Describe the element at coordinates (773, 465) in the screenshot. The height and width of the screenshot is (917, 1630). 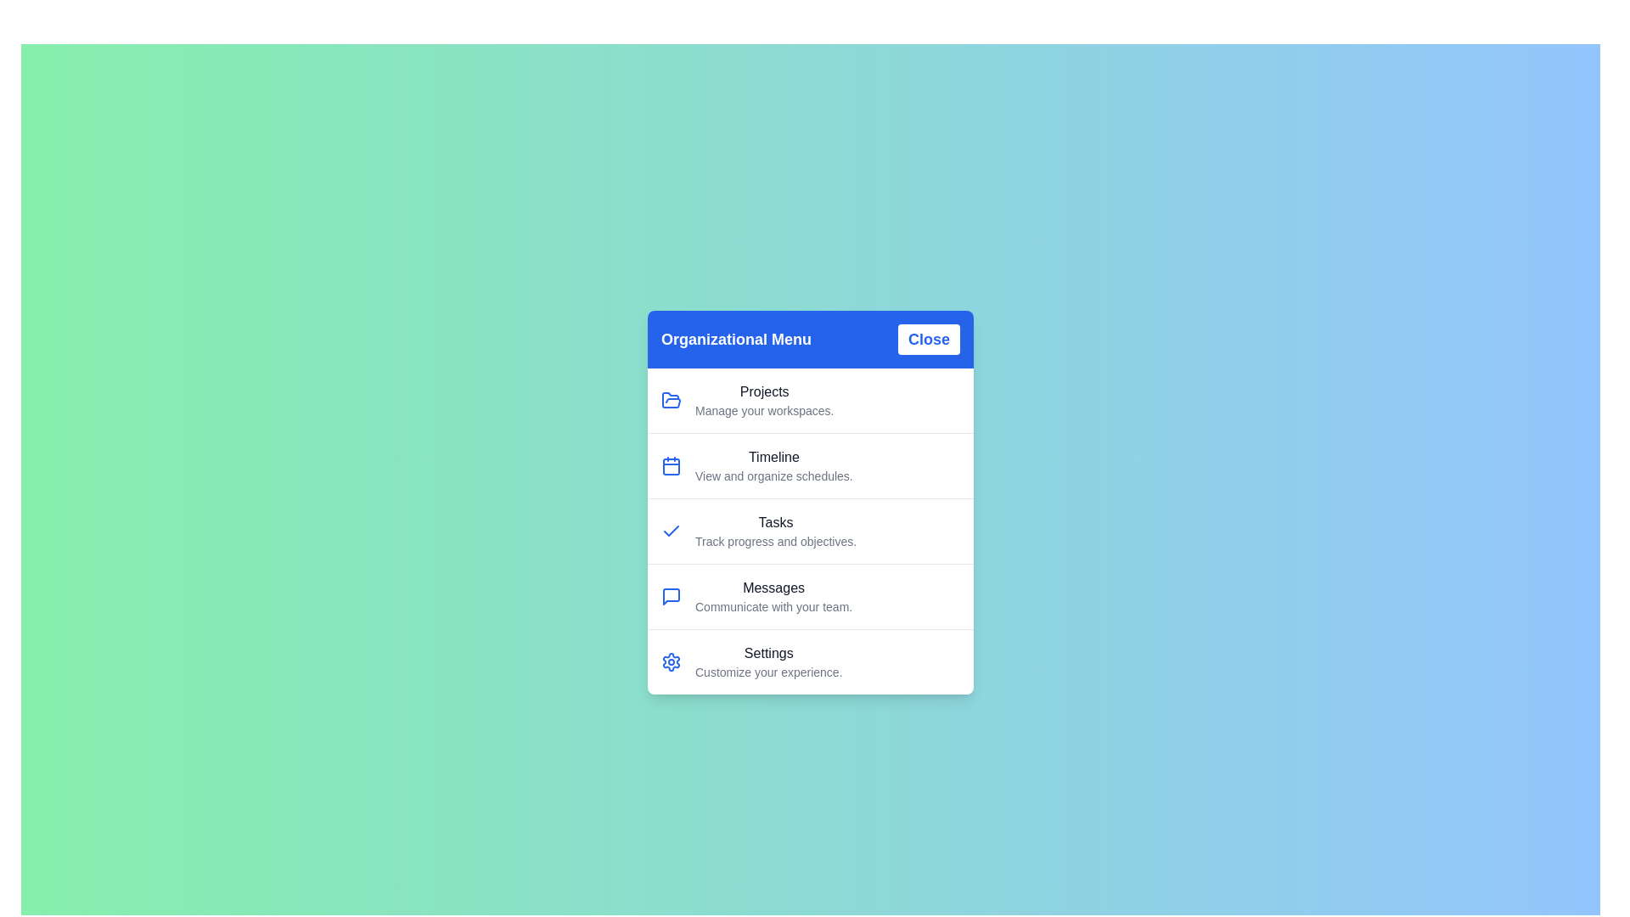
I see `the menu item labeled 'Timeline' to view its details` at that location.